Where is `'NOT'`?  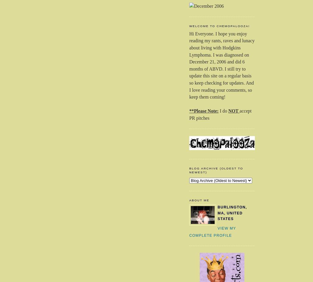 'NOT' is located at coordinates (234, 110).